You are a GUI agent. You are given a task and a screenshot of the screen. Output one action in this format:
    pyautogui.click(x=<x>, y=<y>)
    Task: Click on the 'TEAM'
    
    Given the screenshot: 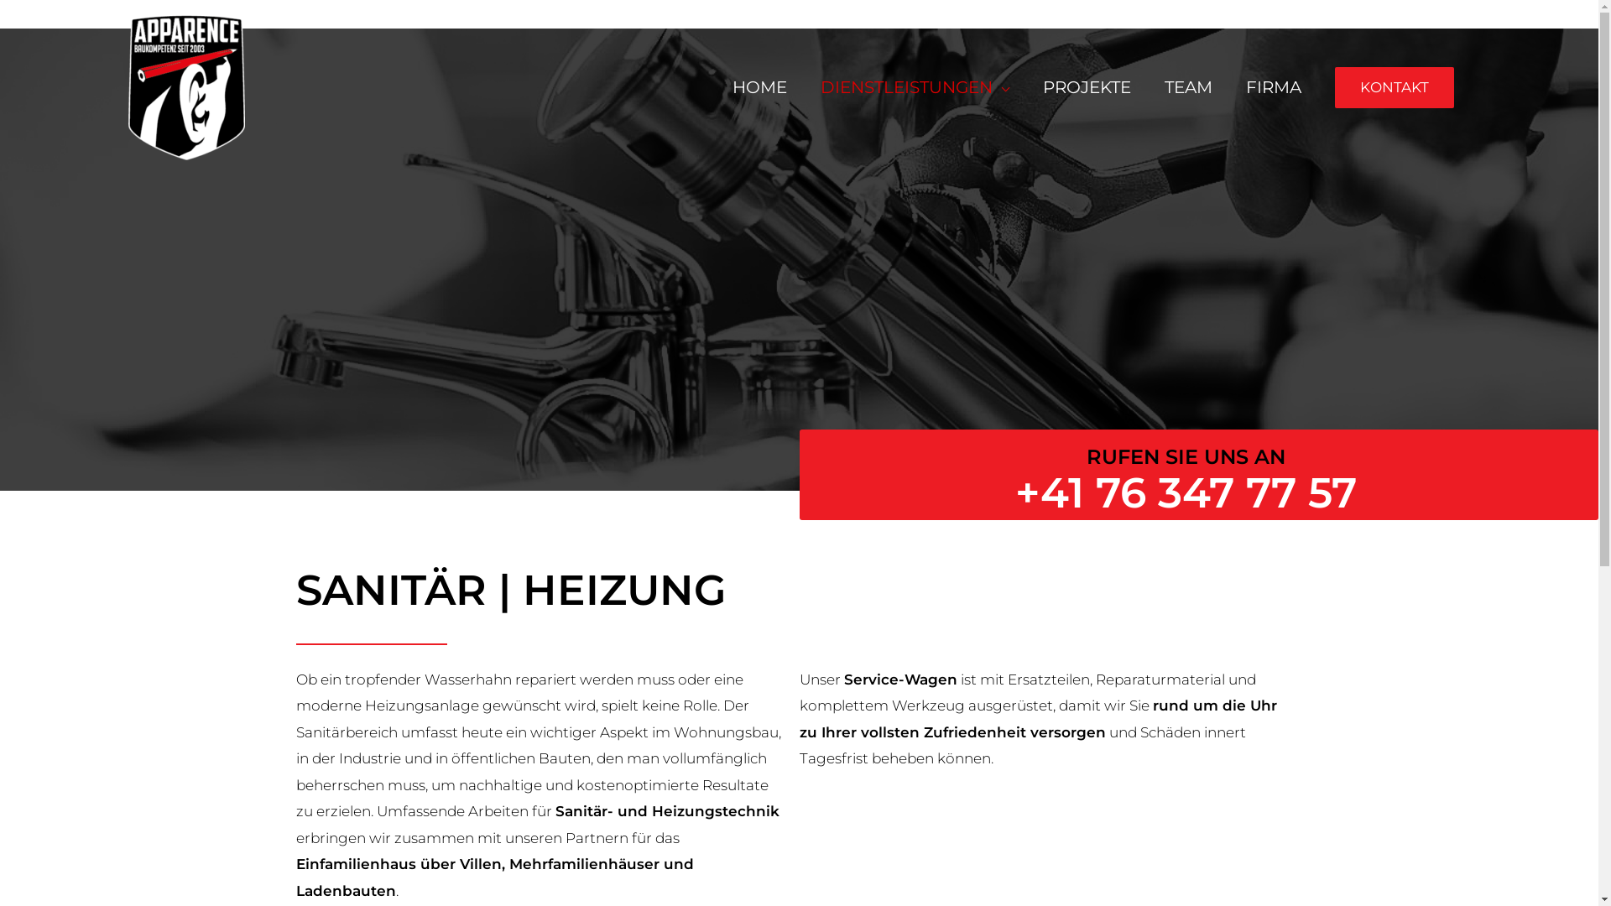 What is the action you would take?
    pyautogui.click(x=1147, y=87)
    